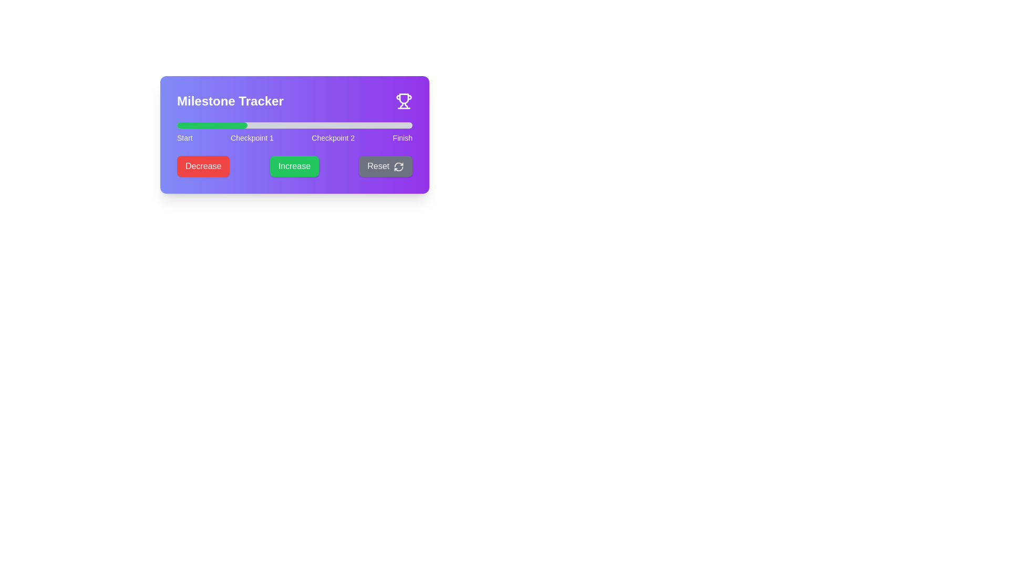 Image resolution: width=1009 pixels, height=567 pixels. I want to click on the text label displaying 'Checkpoint 2', which has a white font color on a purple background and is positioned in the middle of its row of labels, so click(333, 137).